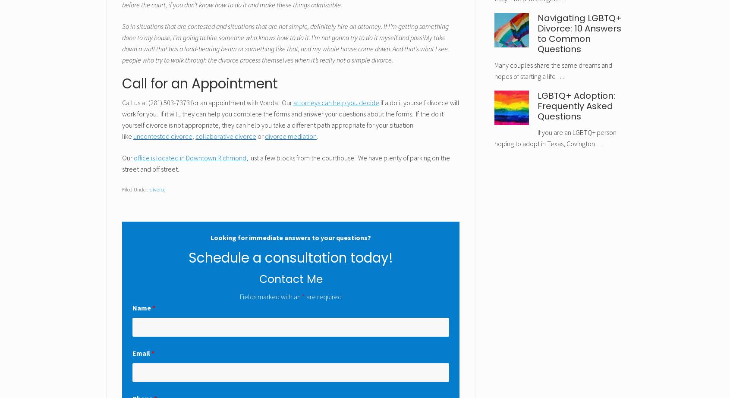 The width and height of the screenshot is (730, 398). What do you see at coordinates (290, 119) in the screenshot?
I see `'if a do it yourself divorce will work for you.  If it will, they can help you complete the forms and answer your questions about the forms.  If the do it yourself divorce is not appropriate, they can help you take a different path appropriate for your situation like'` at bounding box center [290, 119].